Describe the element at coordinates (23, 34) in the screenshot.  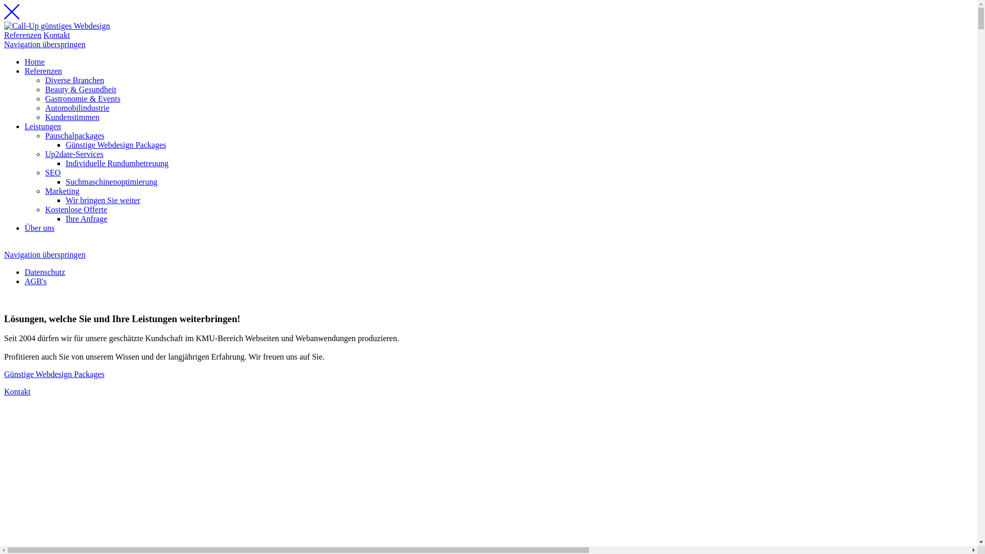
I see `'Referenzen'` at that location.